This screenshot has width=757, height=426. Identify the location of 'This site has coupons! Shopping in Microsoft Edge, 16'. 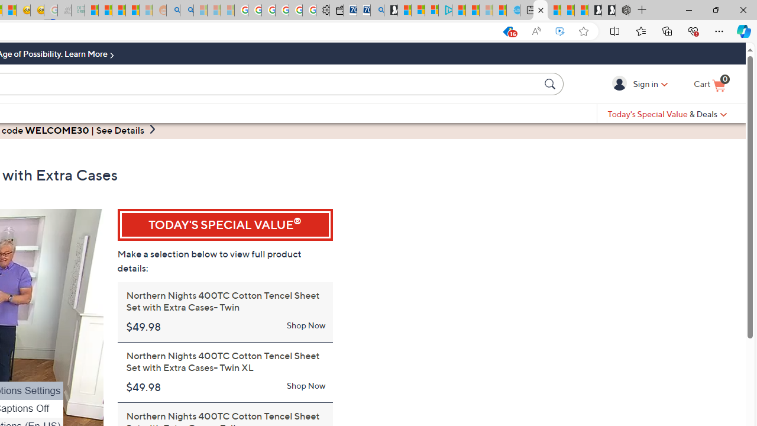
(507, 31).